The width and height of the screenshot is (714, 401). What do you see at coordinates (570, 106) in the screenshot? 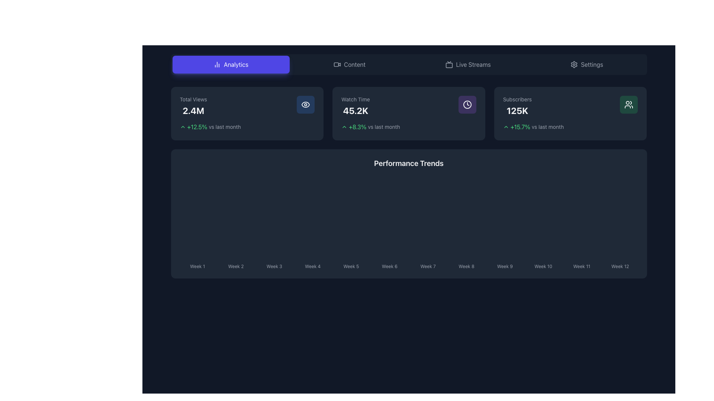
I see `the statistics displayed in the top-most section of the subscriber count element, which includes text and an icon, located in the top-right of the analytics interface` at bounding box center [570, 106].